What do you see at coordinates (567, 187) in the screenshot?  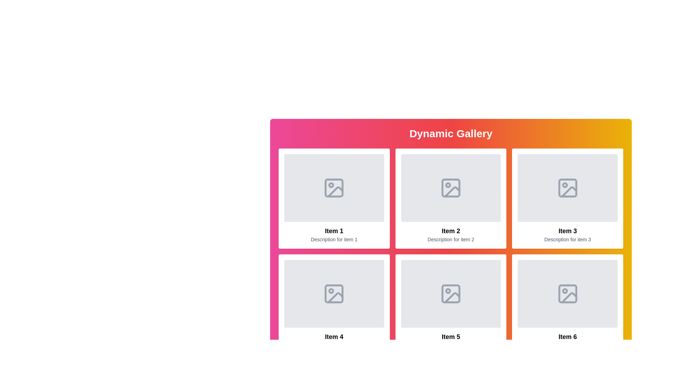 I see `the graphical icon component located in the third item of the top row beneath the 'Dynamic Gallery' title` at bounding box center [567, 187].